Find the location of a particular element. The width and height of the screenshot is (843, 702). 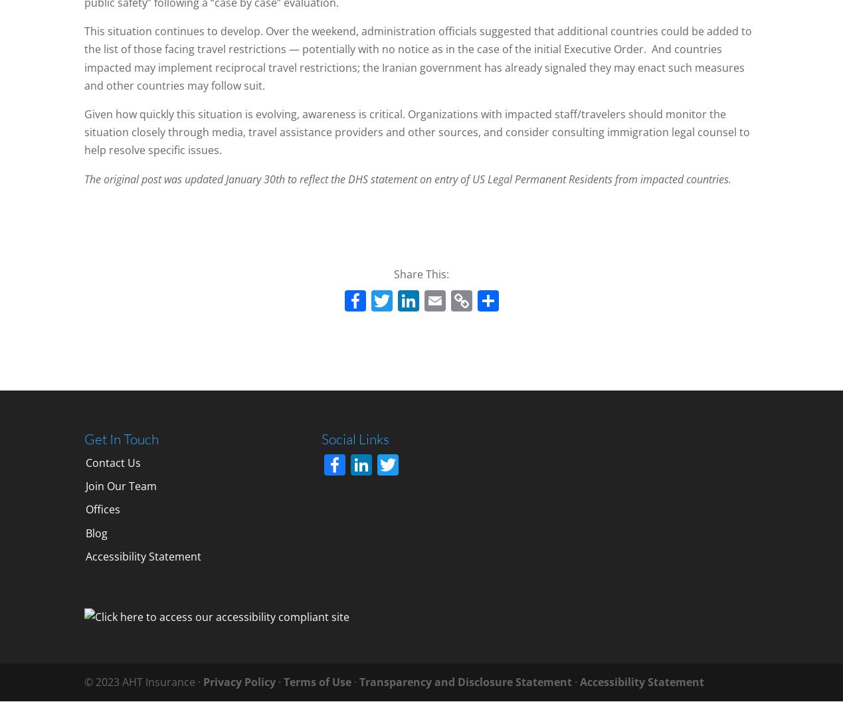

'Join Our Team' is located at coordinates (120, 485).